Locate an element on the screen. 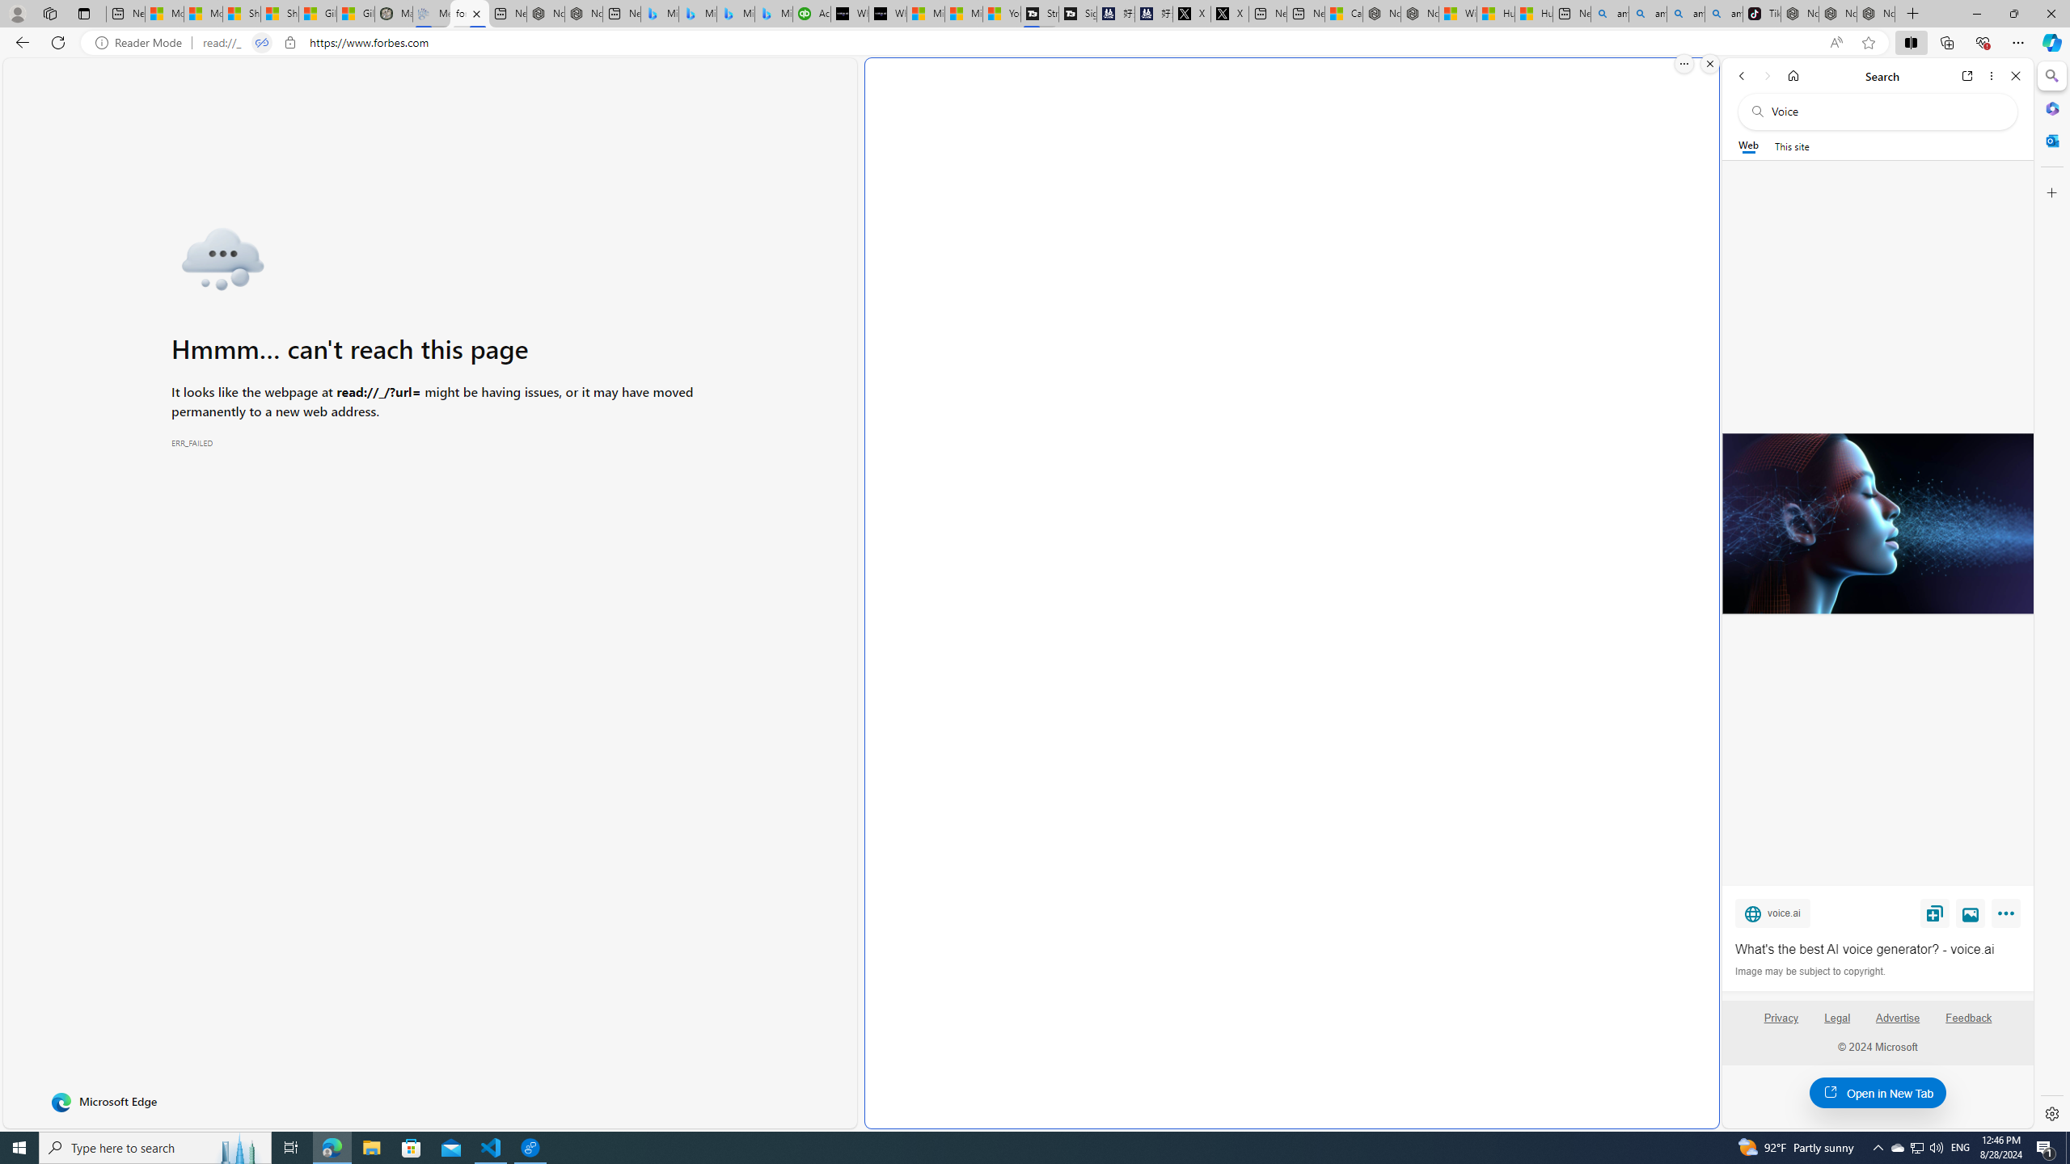 The height and width of the screenshot is (1164, 2070). 'Feedback' is located at coordinates (1967, 1018).